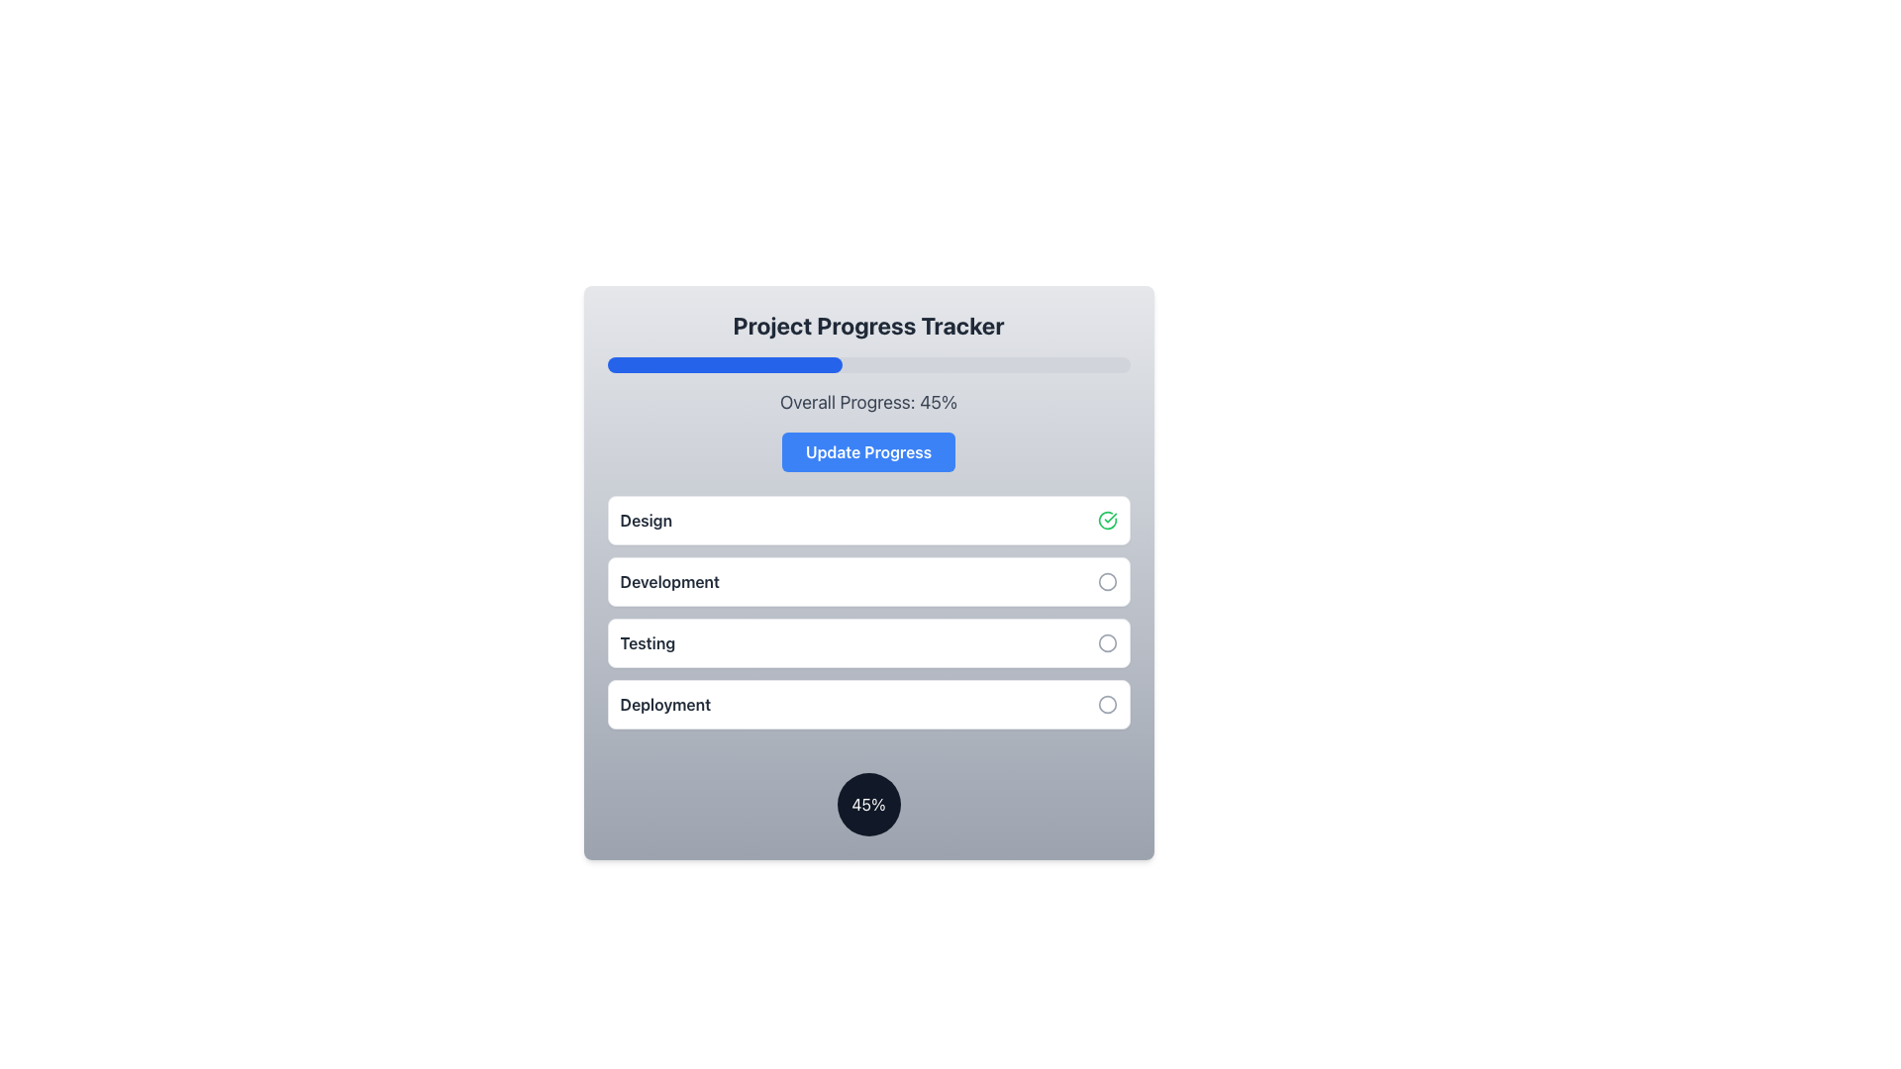 This screenshot has width=1901, height=1069. What do you see at coordinates (868, 402) in the screenshot?
I see `the text label displaying 'Overall Progress: 45%', which is located below the blue progress bar and above the blue button labeled 'Update Progress'` at bounding box center [868, 402].